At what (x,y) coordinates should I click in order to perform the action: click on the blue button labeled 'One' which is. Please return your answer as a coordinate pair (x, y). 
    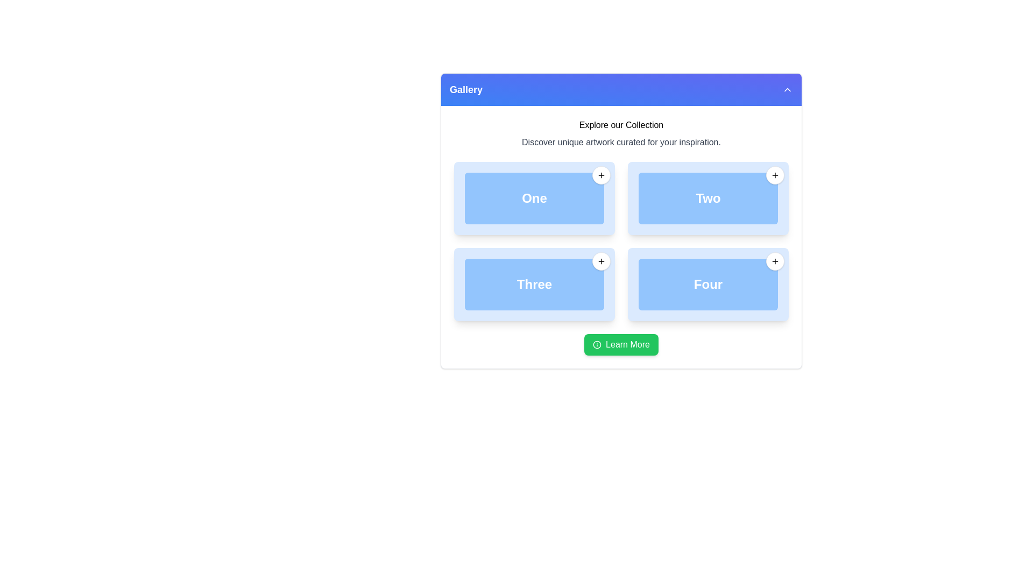
    Looking at the image, I should click on (534, 199).